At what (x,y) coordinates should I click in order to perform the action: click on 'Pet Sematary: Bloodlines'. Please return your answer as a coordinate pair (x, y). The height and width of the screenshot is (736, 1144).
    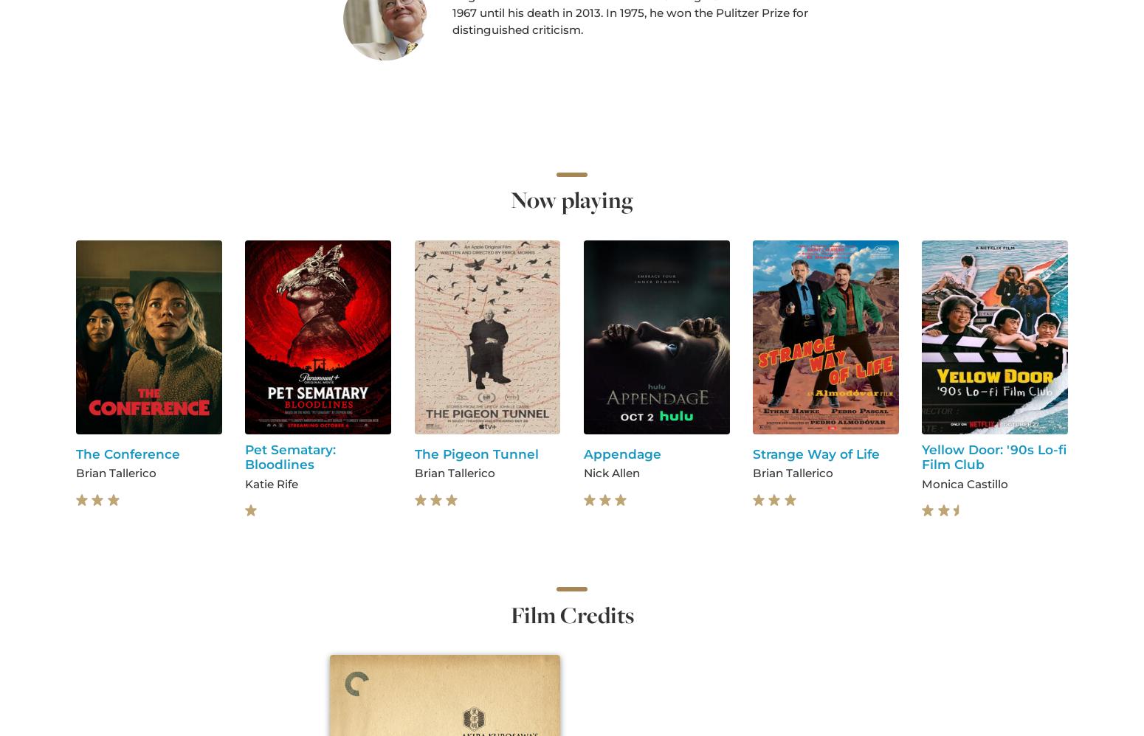
    Looking at the image, I should click on (290, 456).